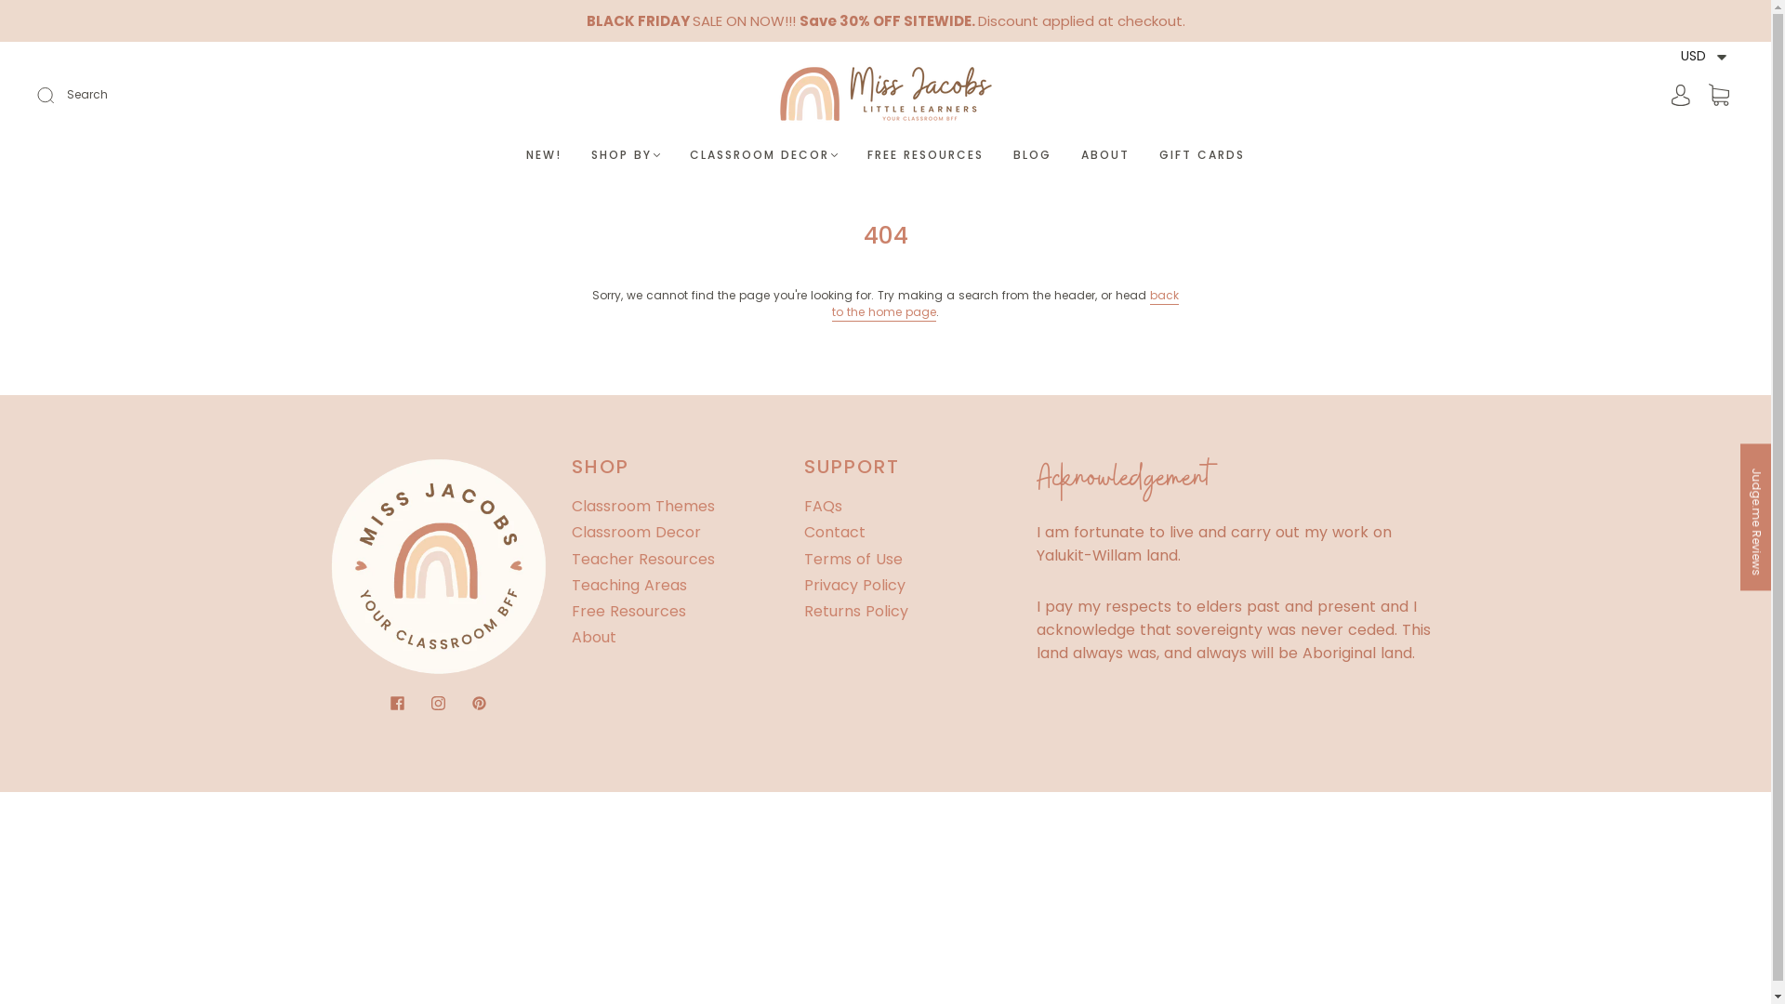 The image size is (1785, 1004). What do you see at coordinates (763, 153) in the screenshot?
I see `'CLASSROOM DECOR'` at bounding box center [763, 153].